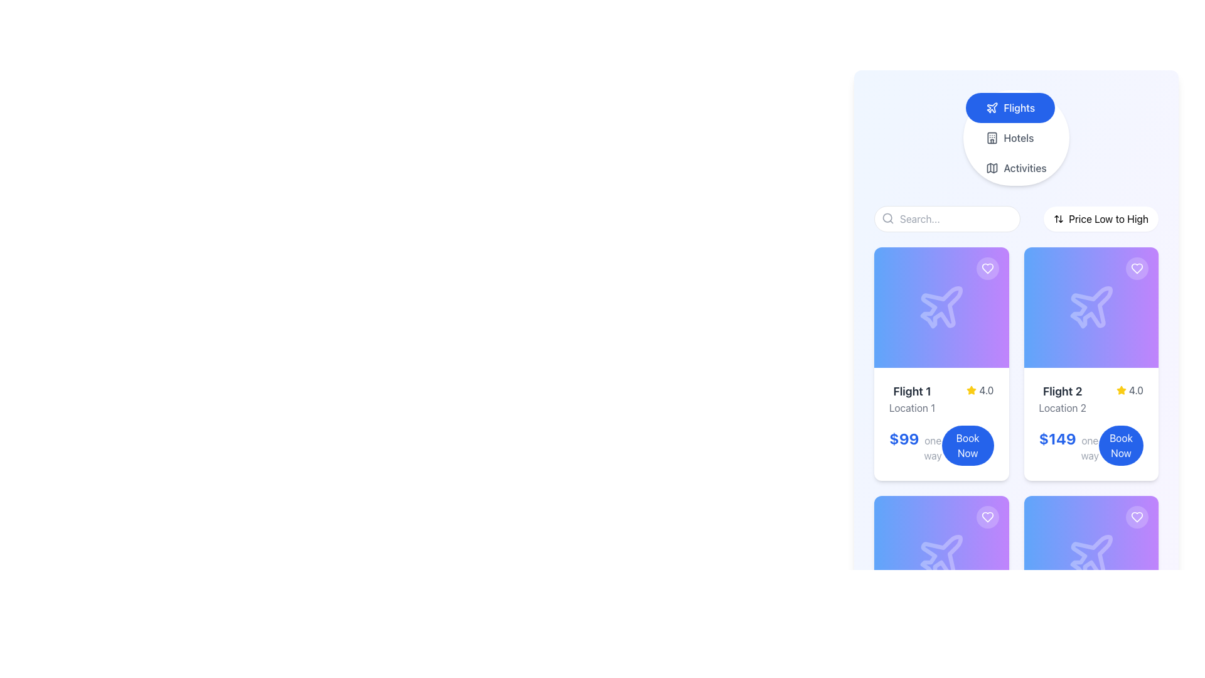 Image resolution: width=1205 pixels, height=678 pixels. I want to click on the sorting icon located to the left of the 'Price Low to High' button, so click(1058, 218).